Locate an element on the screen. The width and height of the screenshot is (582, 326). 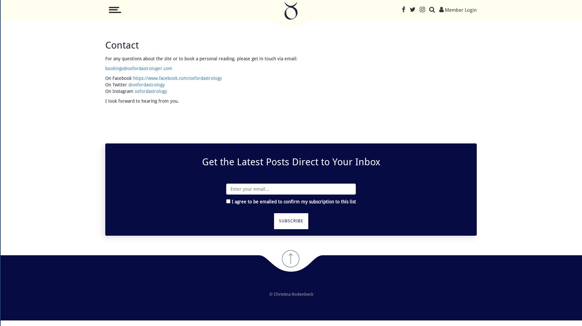
'Contact' is located at coordinates (122, 45).